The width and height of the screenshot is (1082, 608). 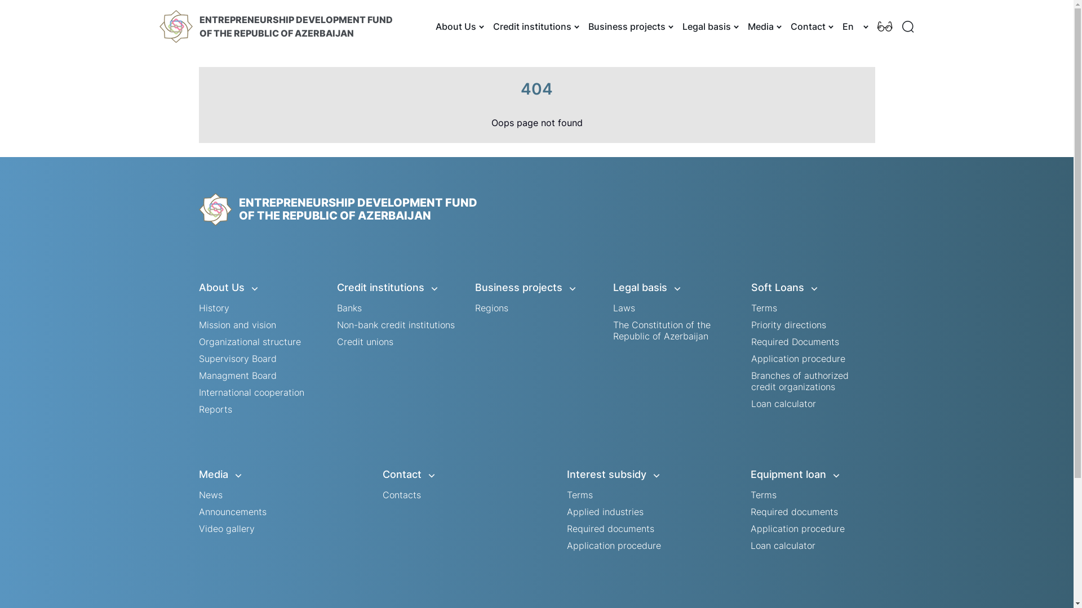 I want to click on 'Terms', so click(x=763, y=494).